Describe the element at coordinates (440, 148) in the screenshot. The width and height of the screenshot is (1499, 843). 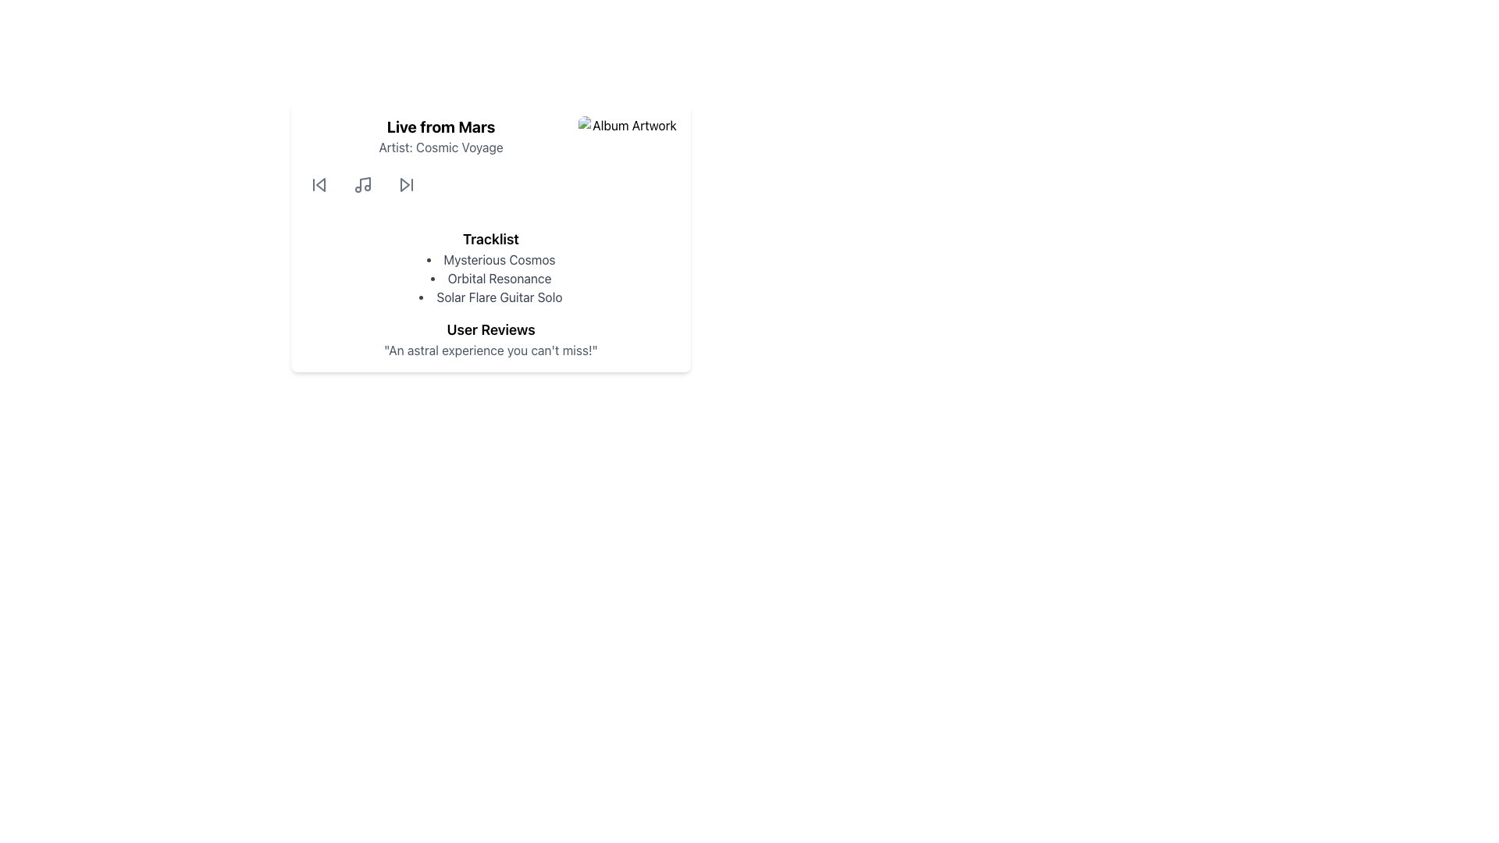
I see `static text display element that shows 'Artist: Cosmic Voyage', which is a medium-sized gray font located below the title 'Live from Mars'` at that location.